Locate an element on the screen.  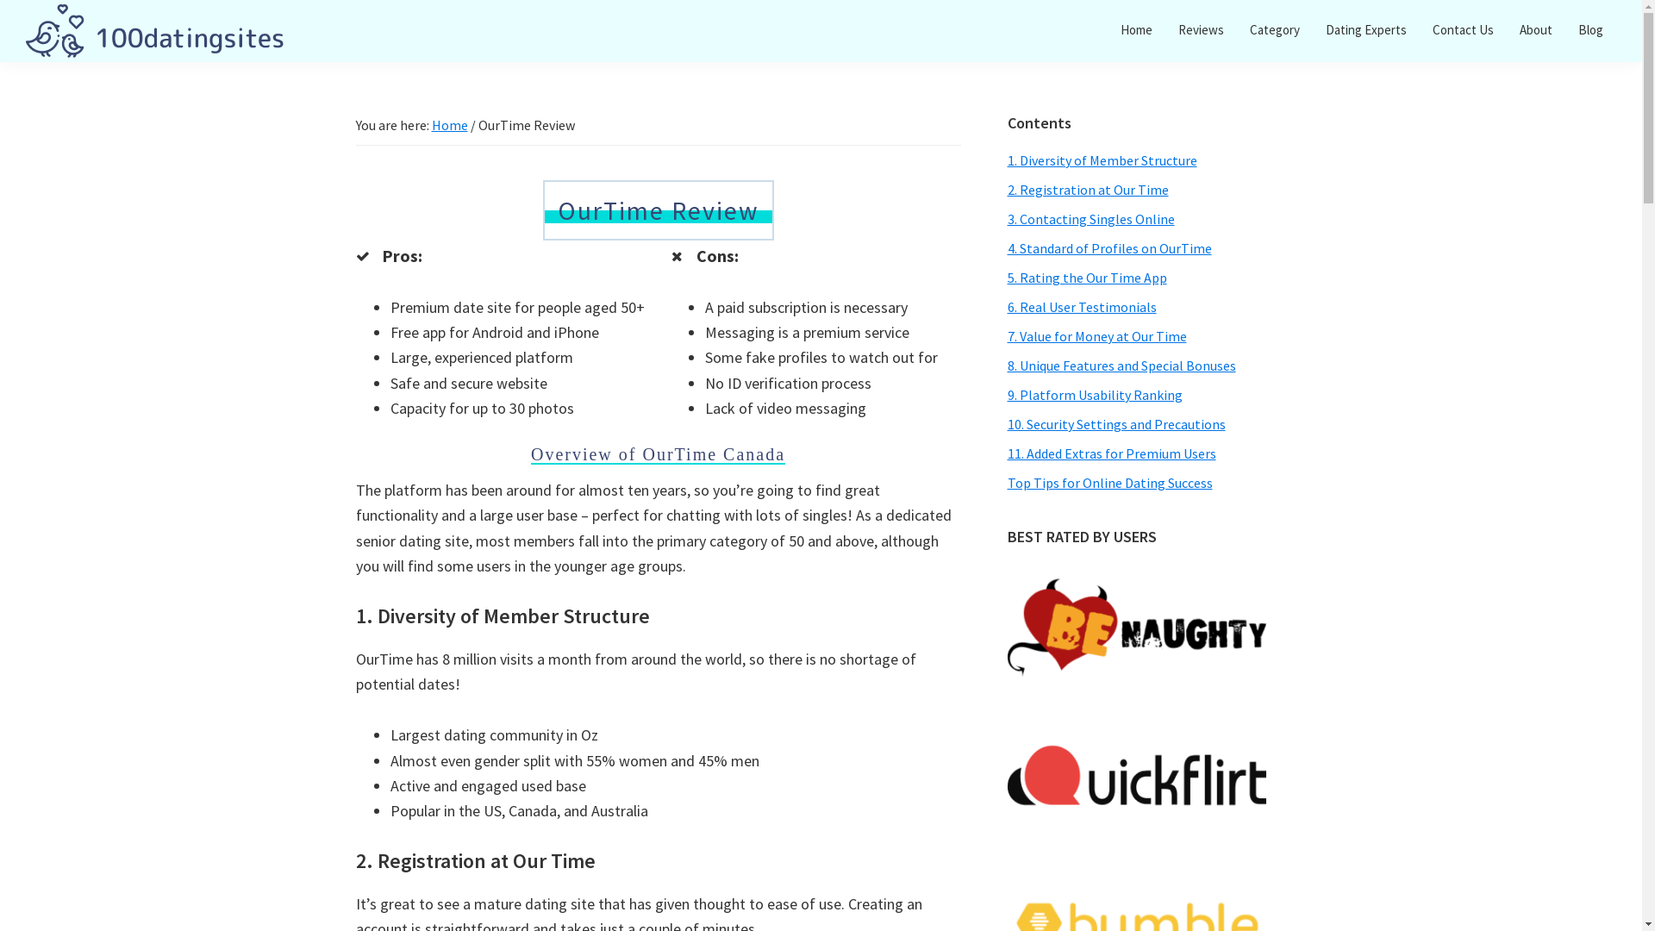
'4. Standard of Profiles on OurTime' is located at coordinates (1109, 248).